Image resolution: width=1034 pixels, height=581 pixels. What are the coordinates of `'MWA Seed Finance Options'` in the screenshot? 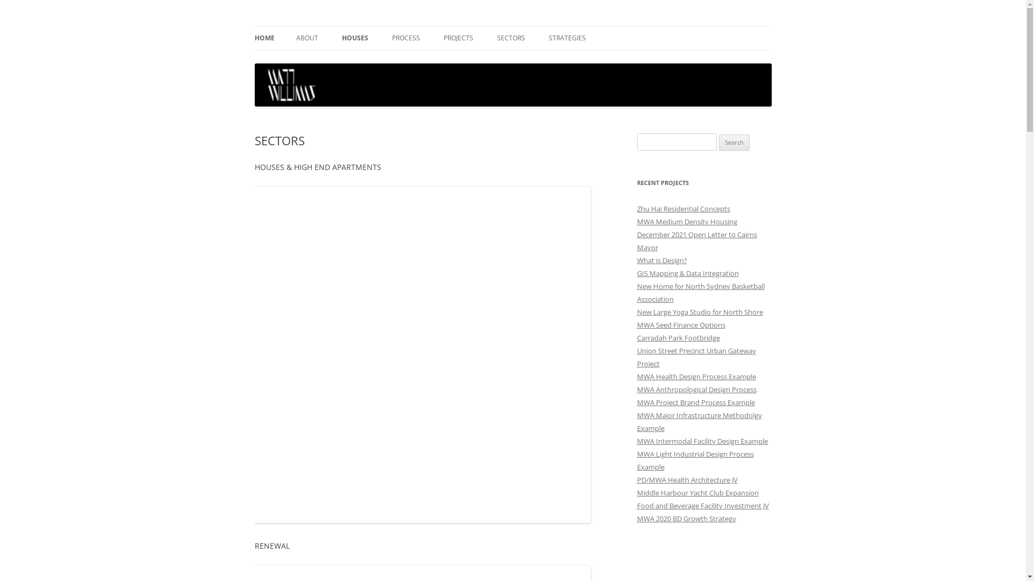 It's located at (680, 324).